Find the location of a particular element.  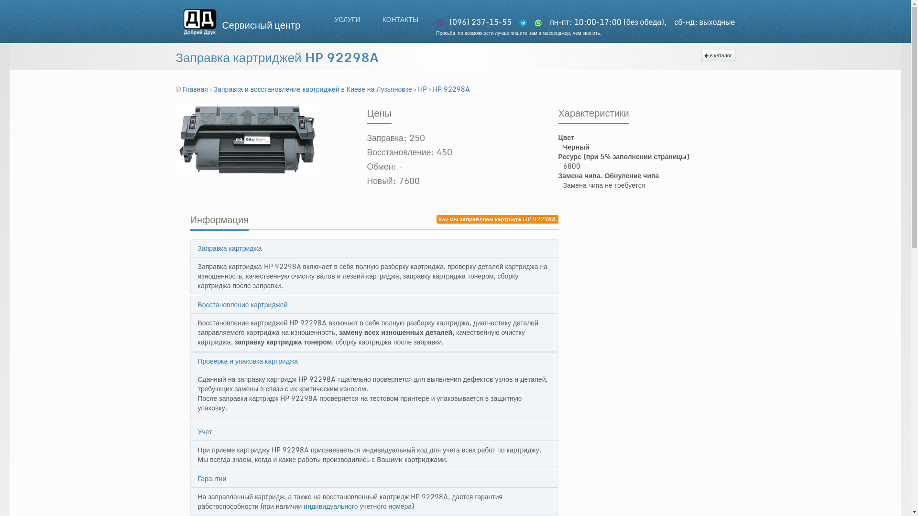

'HP' is located at coordinates (423, 89).